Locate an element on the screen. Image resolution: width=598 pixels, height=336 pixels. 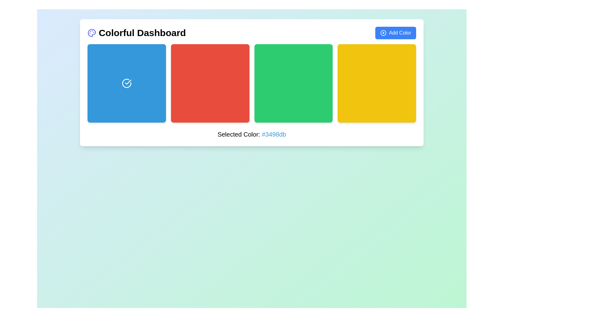
hexadecimal color code displayed in the stylized text component showing '#3498db', which is positioned centrally below the row of colored tiles is located at coordinates (274, 134).